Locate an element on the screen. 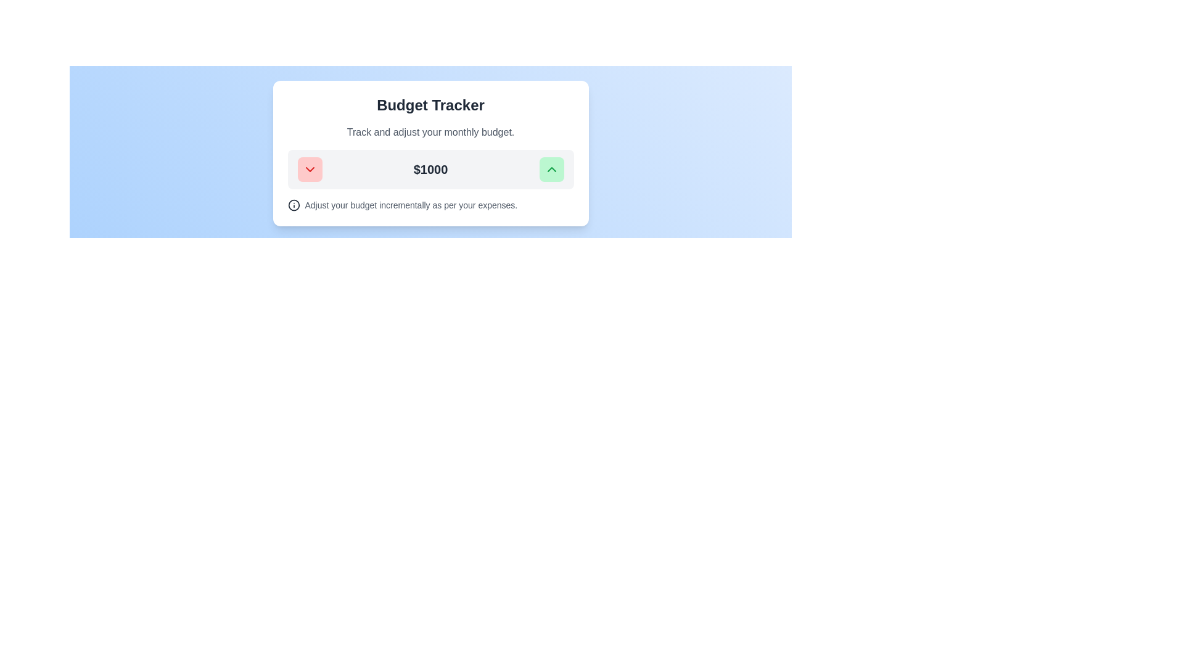  the informational icon located to the left of the statement 'Adjust your budget incrementally as per your expenses.' within the card component is located at coordinates (293, 204).